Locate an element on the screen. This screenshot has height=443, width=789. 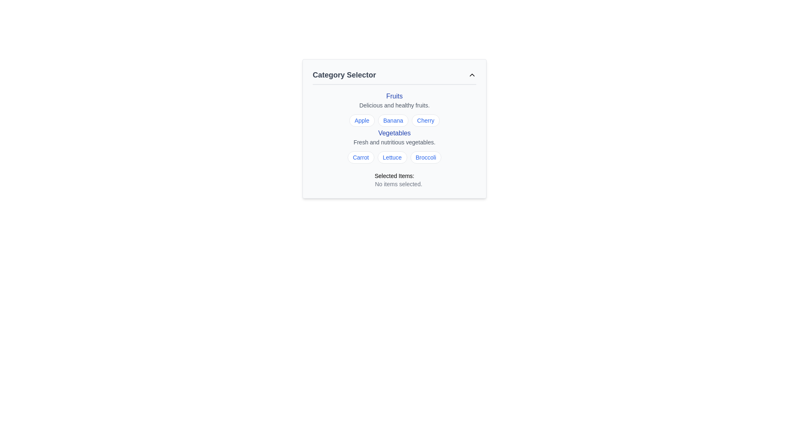
the 'Apple' button, which is a rectangular button with rounded edges, featuring the text 'Apple' in a blue, bold font under the 'Fruits' section of the 'Category Selector' is located at coordinates (362, 120).